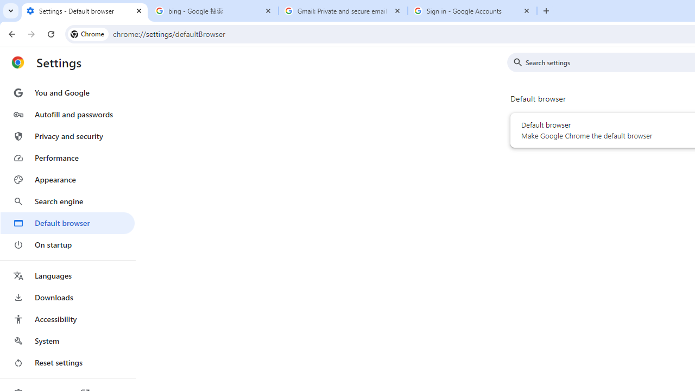  I want to click on 'Settings - Default browser', so click(84, 11).